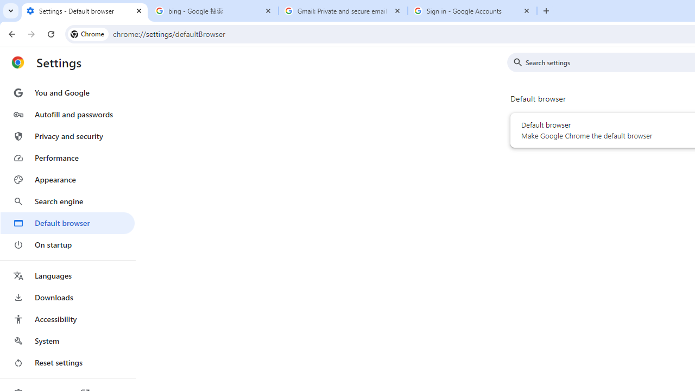  I want to click on 'Settings - Default browser', so click(84, 11).